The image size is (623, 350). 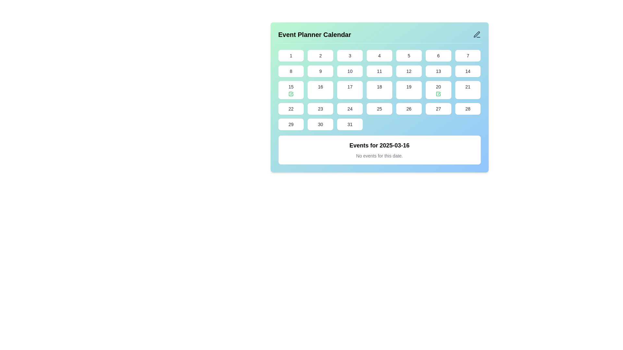 What do you see at coordinates (409, 108) in the screenshot?
I see `the button displaying '26' in the calendar grid` at bounding box center [409, 108].